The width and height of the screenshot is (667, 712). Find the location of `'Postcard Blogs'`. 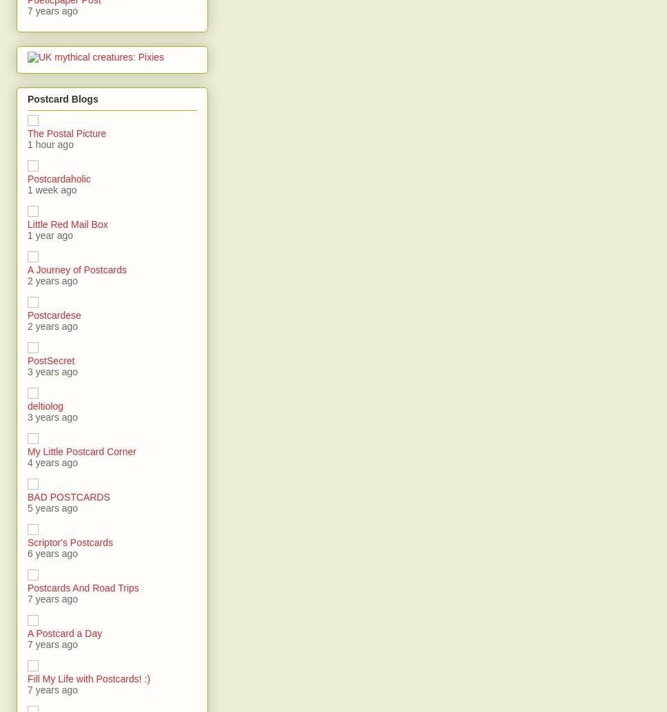

'Postcard Blogs' is located at coordinates (62, 99).